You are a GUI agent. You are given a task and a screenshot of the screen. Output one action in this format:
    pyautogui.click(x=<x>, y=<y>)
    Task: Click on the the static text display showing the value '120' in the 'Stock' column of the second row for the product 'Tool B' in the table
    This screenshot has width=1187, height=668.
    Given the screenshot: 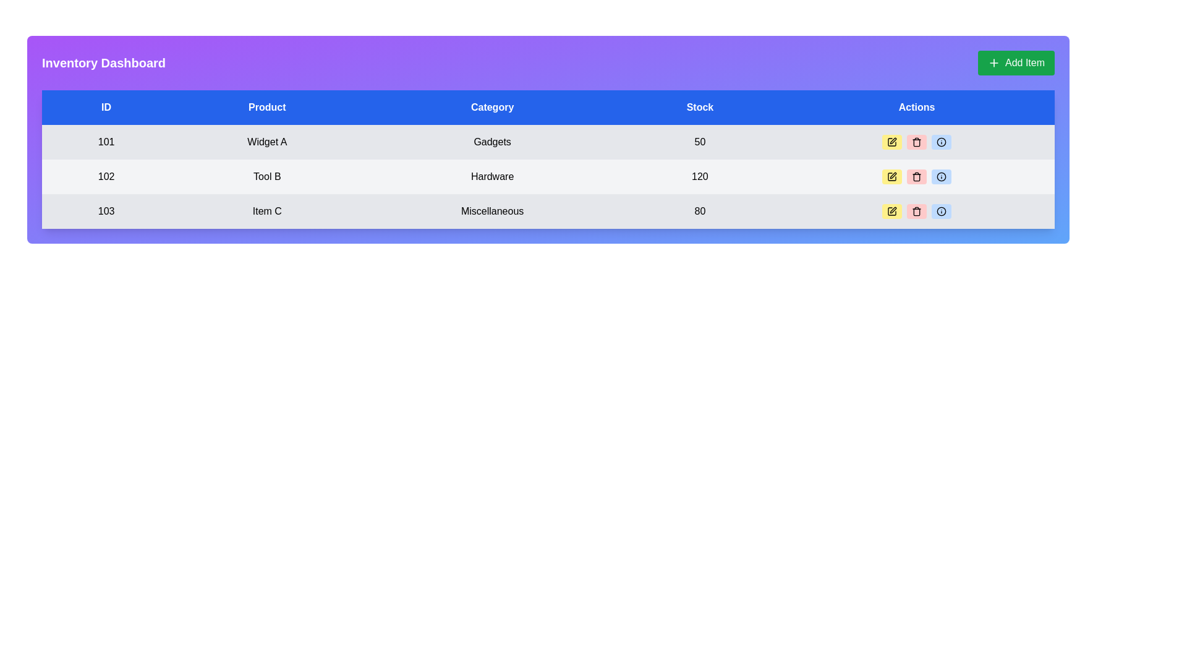 What is the action you would take?
    pyautogui.click(x=700, y=176)
    